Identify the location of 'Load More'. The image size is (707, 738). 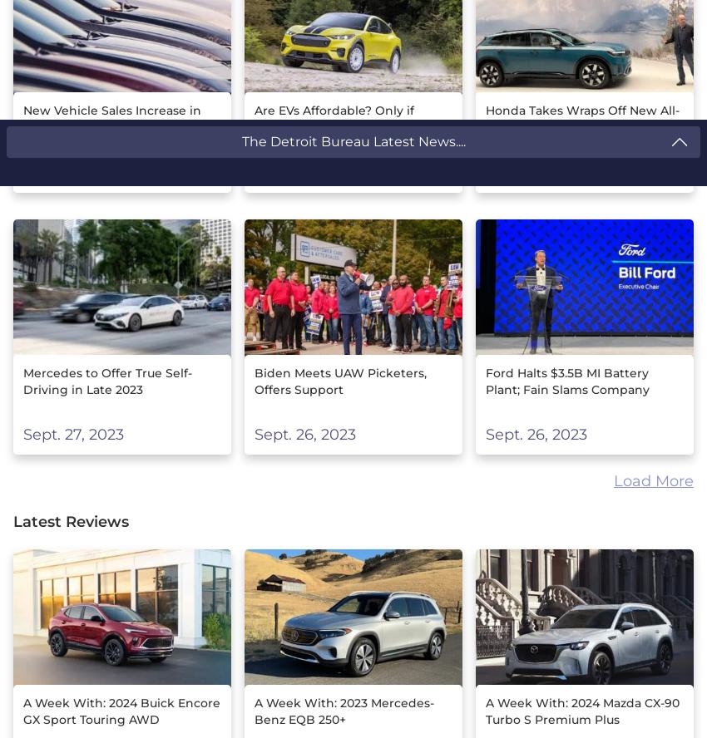
(652, 480).